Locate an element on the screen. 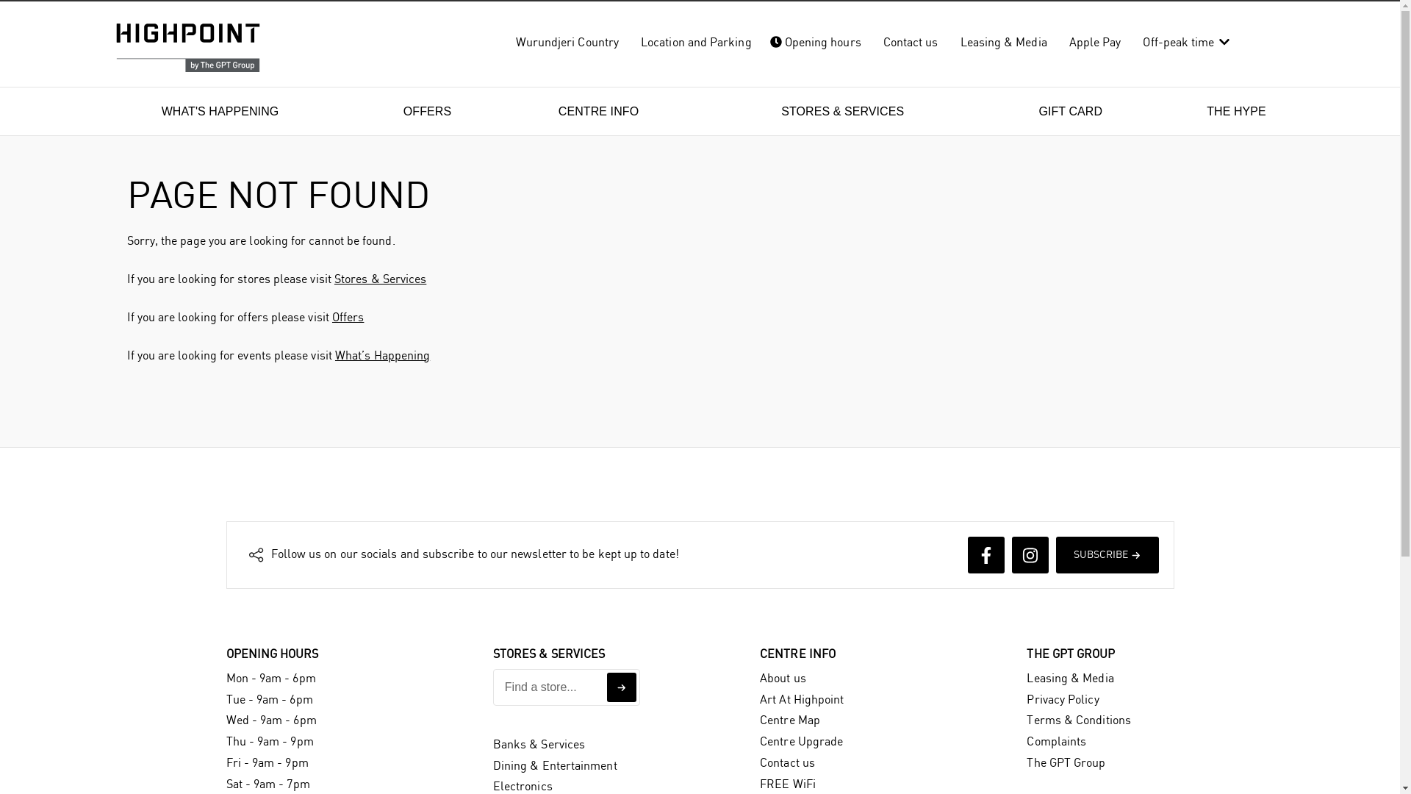  'FREE WiFi' is located at coordinates (759, 784).